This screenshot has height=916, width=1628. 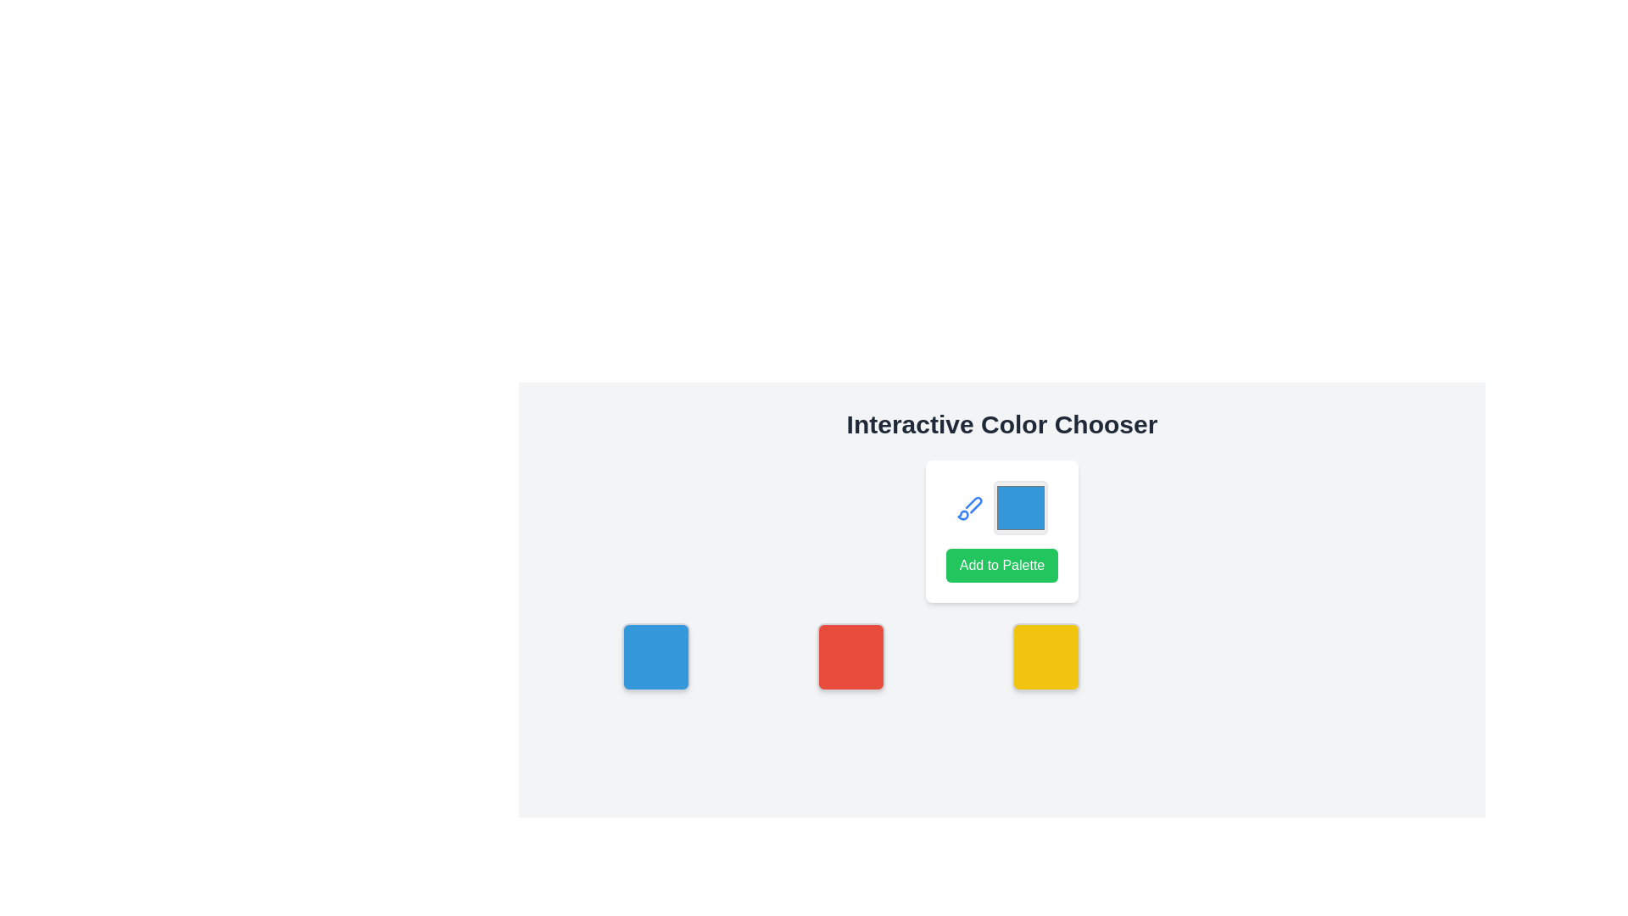 What do you see at coordinates (1001, 506) in the screenshot?
I see `the interactive color input element, which is a square with a blue background and a gray border` at bounding box center [1001, 506].